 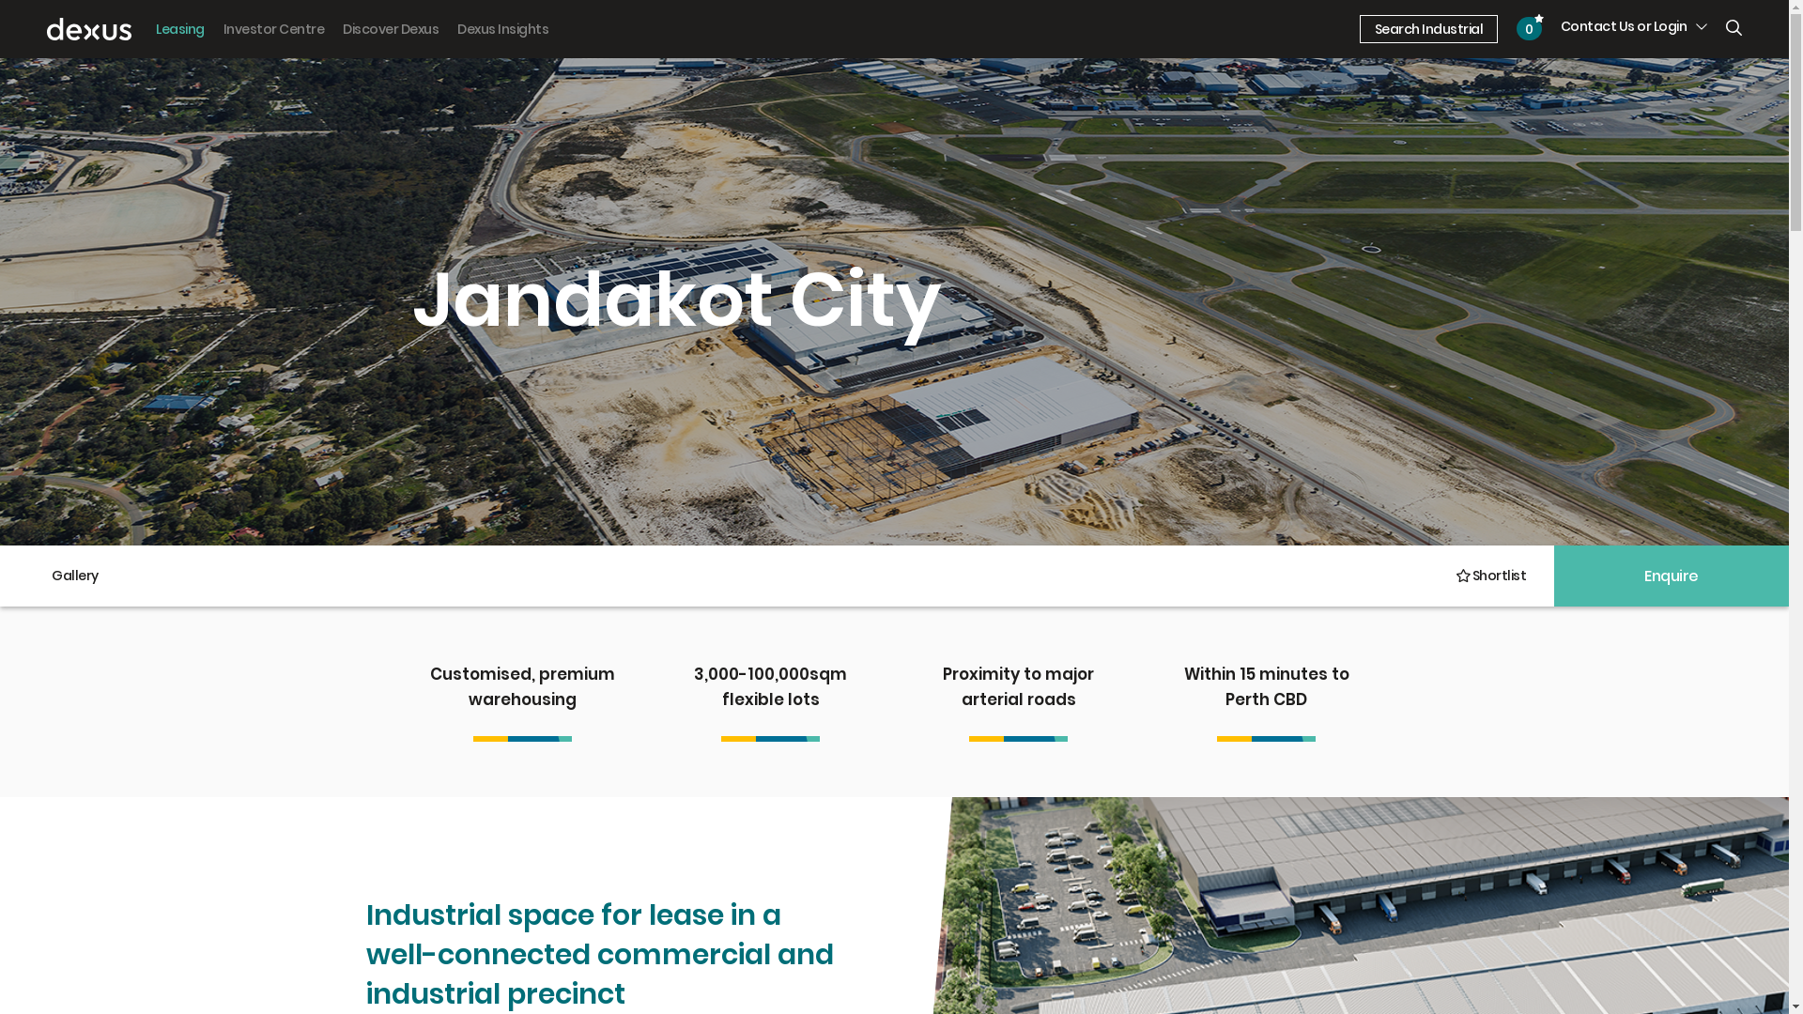 I want to click on 'Search Industrial', so click(x=1427, y=29).